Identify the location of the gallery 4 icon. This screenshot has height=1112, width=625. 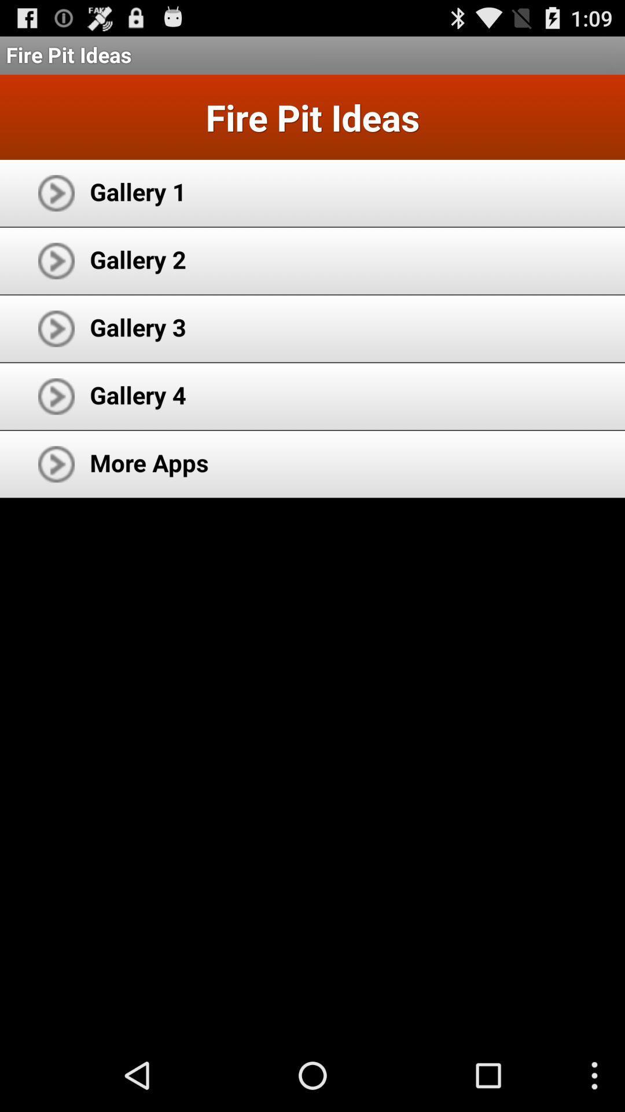
(137, 394).